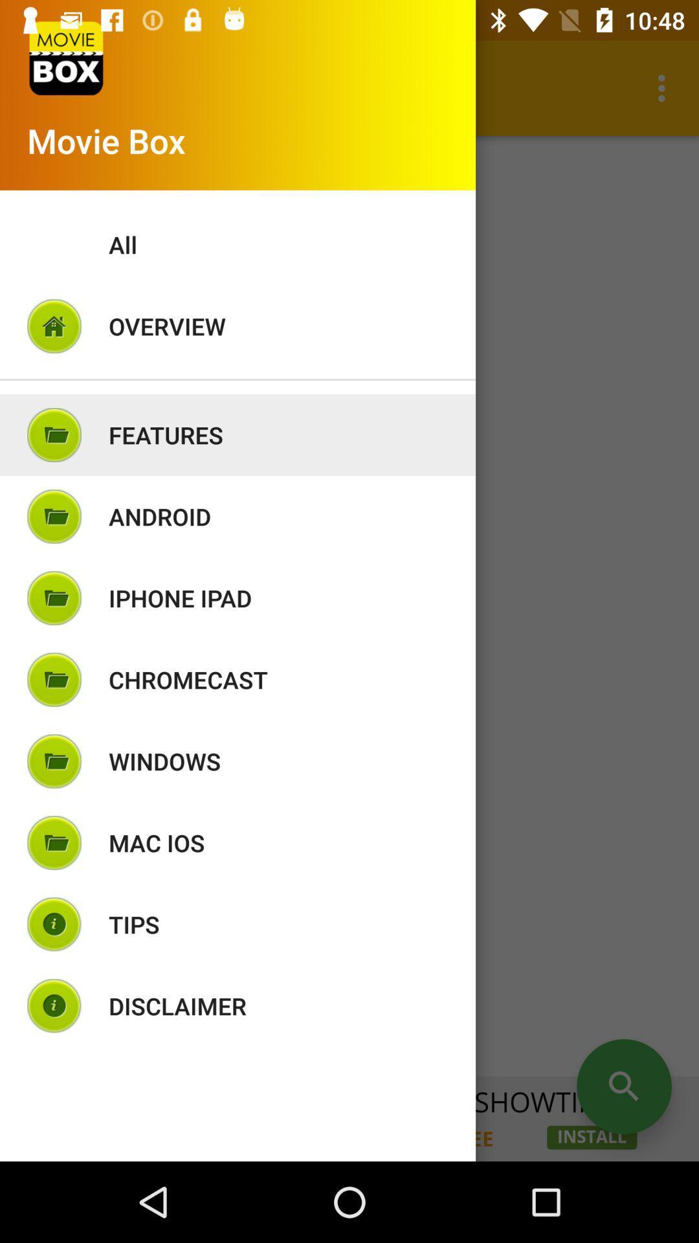 The width and height of the screenshot is (699, 1243). Describe the element at coordinates (623, 1086) in the screenshot. I see `the search icon` at that location.